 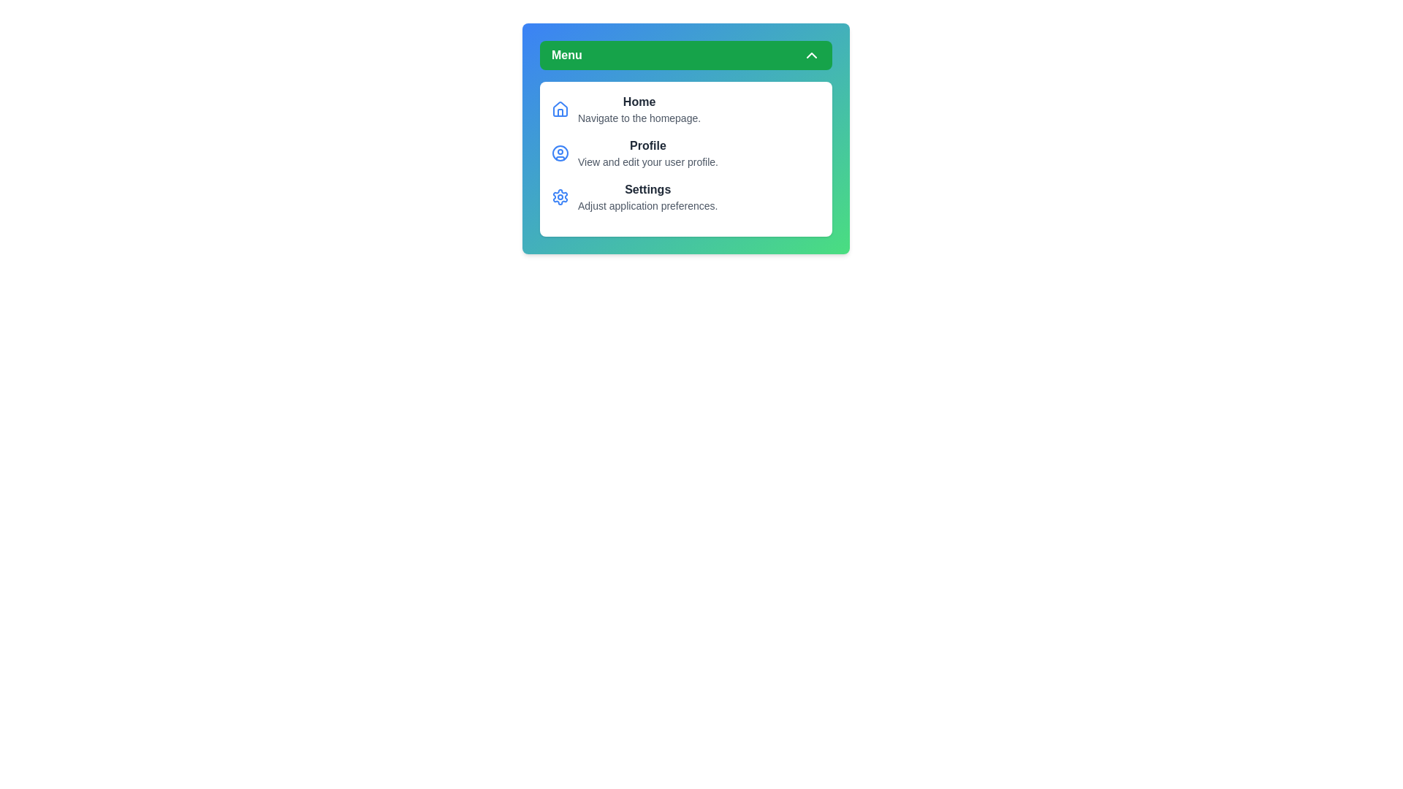 I want to click on the icon associated with the Settings menu item, so click(x=560, y=197).